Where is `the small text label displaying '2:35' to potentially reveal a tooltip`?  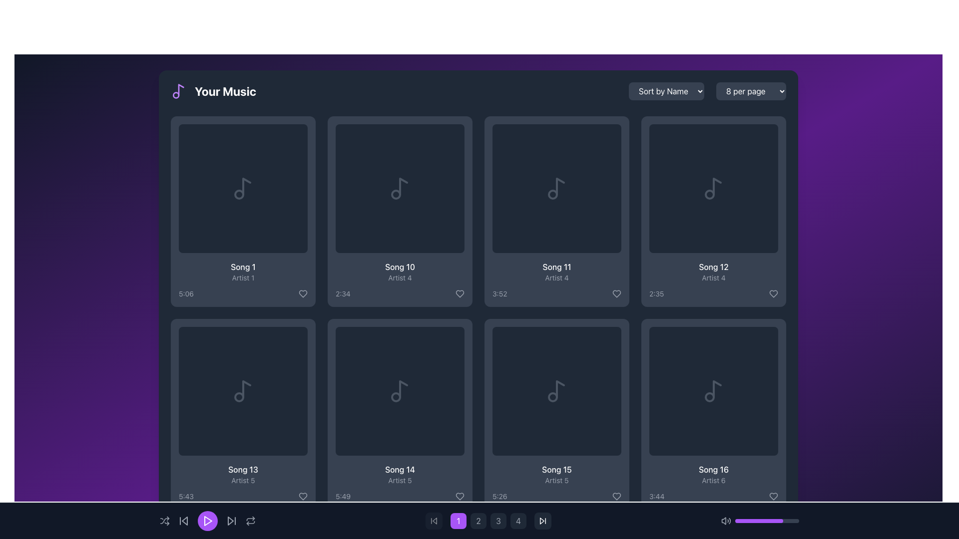 the small text label displaying '2:35' to potentially reveal a tooltip is located at coordinates (656, 293).